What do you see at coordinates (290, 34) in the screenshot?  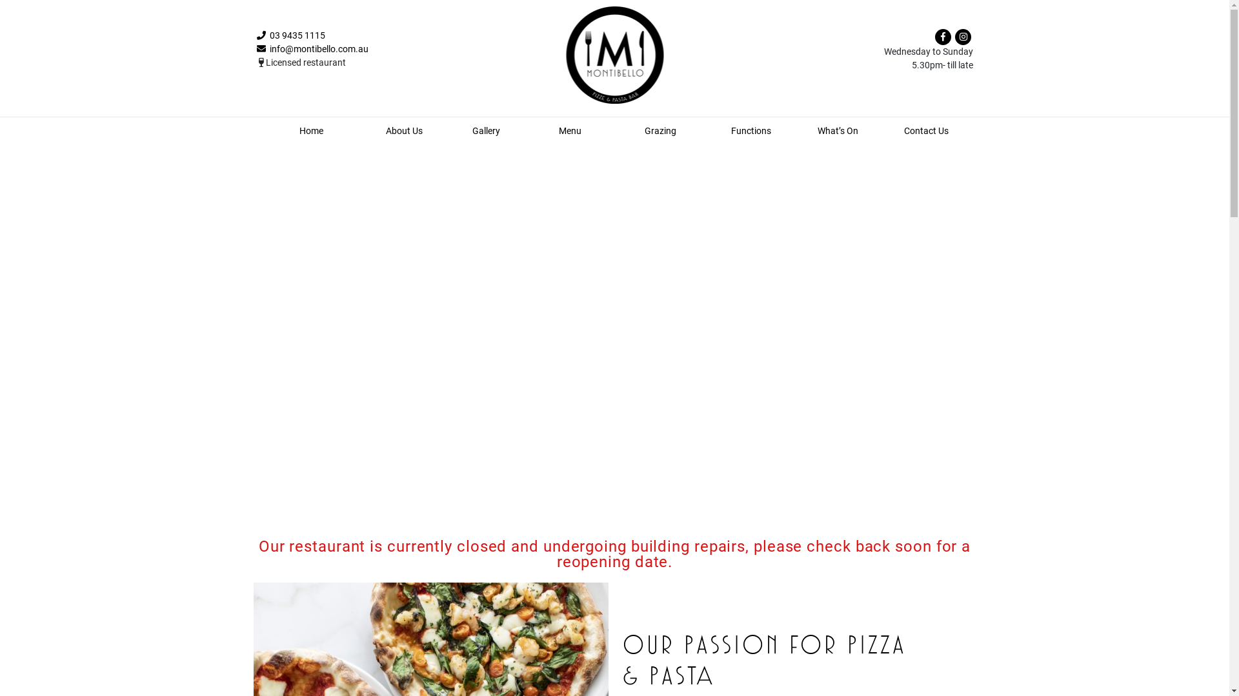 I see `'03 9435 1115'` at bounding box center [290, 34].